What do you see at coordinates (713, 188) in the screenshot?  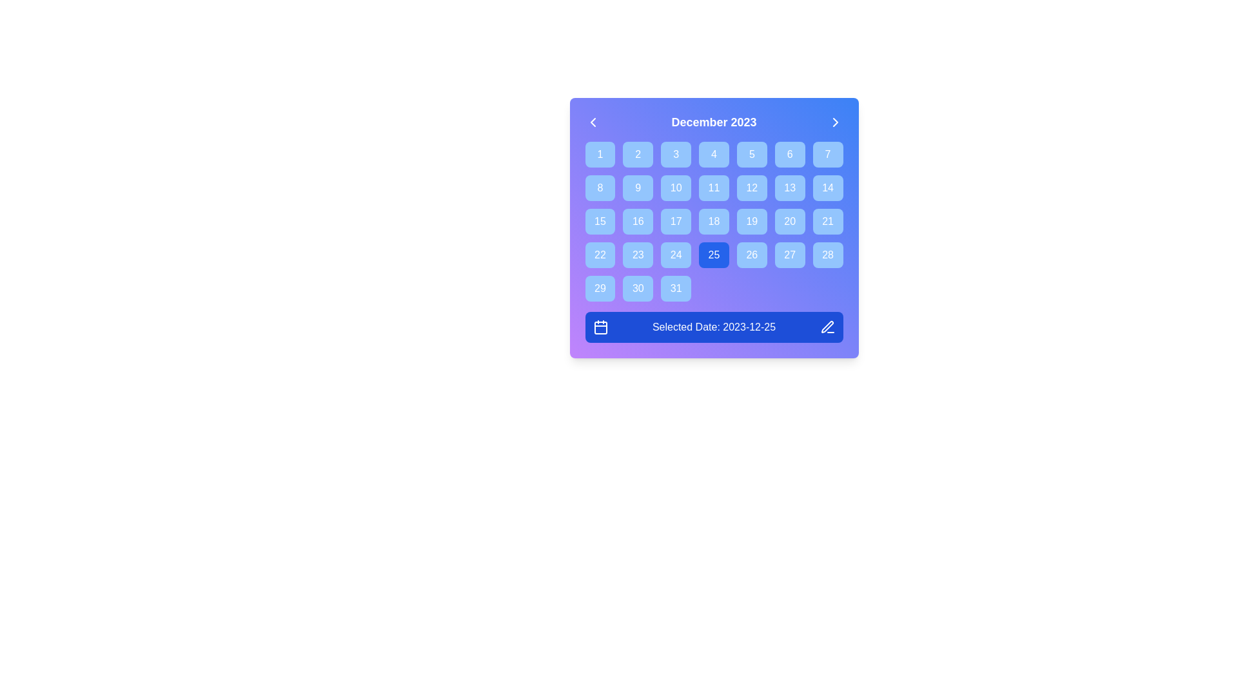 I see `the button representing the 11th day in the calendar view` at bounding box center [713, 188].